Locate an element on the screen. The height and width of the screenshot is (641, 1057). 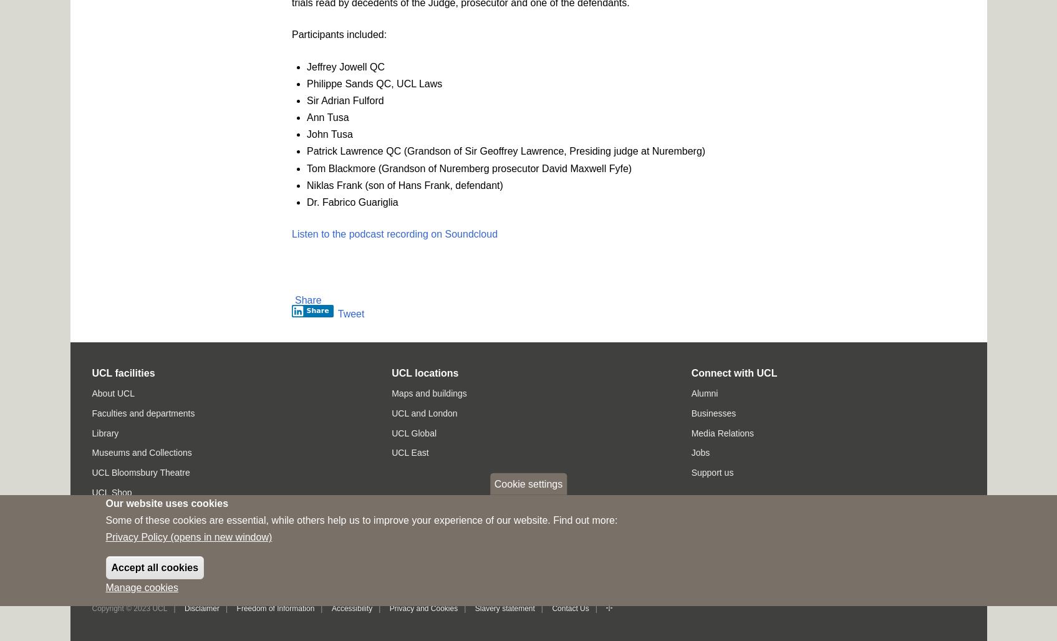
'Media Relations' is located at coordinates (722, 433).